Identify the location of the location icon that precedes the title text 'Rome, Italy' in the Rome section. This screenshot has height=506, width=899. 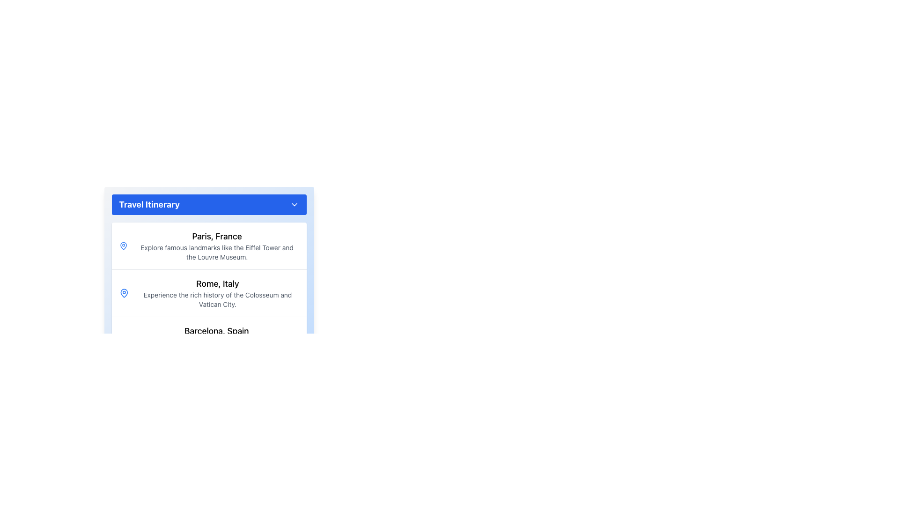
(123, 292).